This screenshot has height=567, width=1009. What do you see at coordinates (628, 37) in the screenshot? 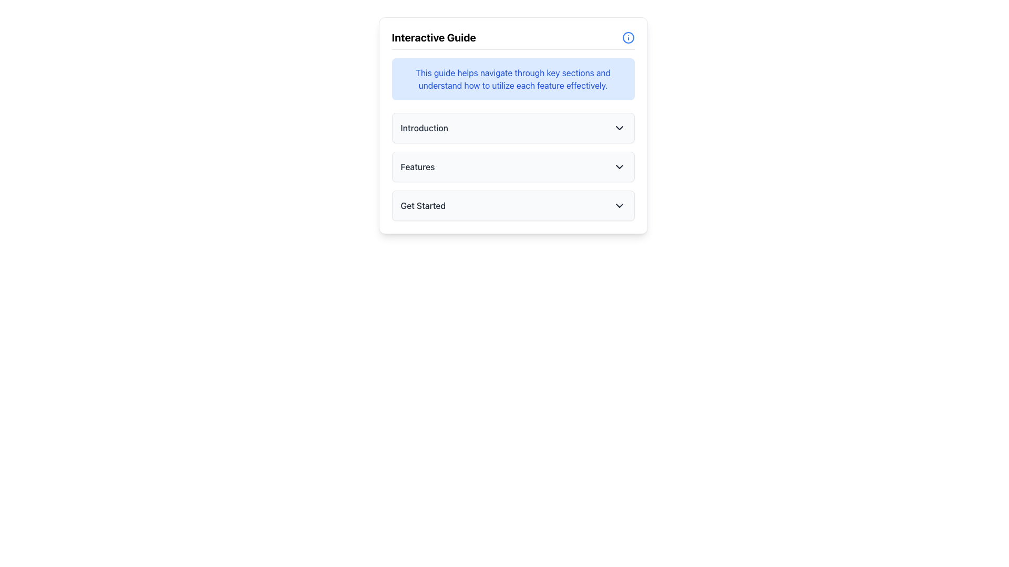
I see `the Circle element within the top-right information icon of the Interactive Guide panel, which serves as a visual component for the information icon` at bounding box center [628, 37].